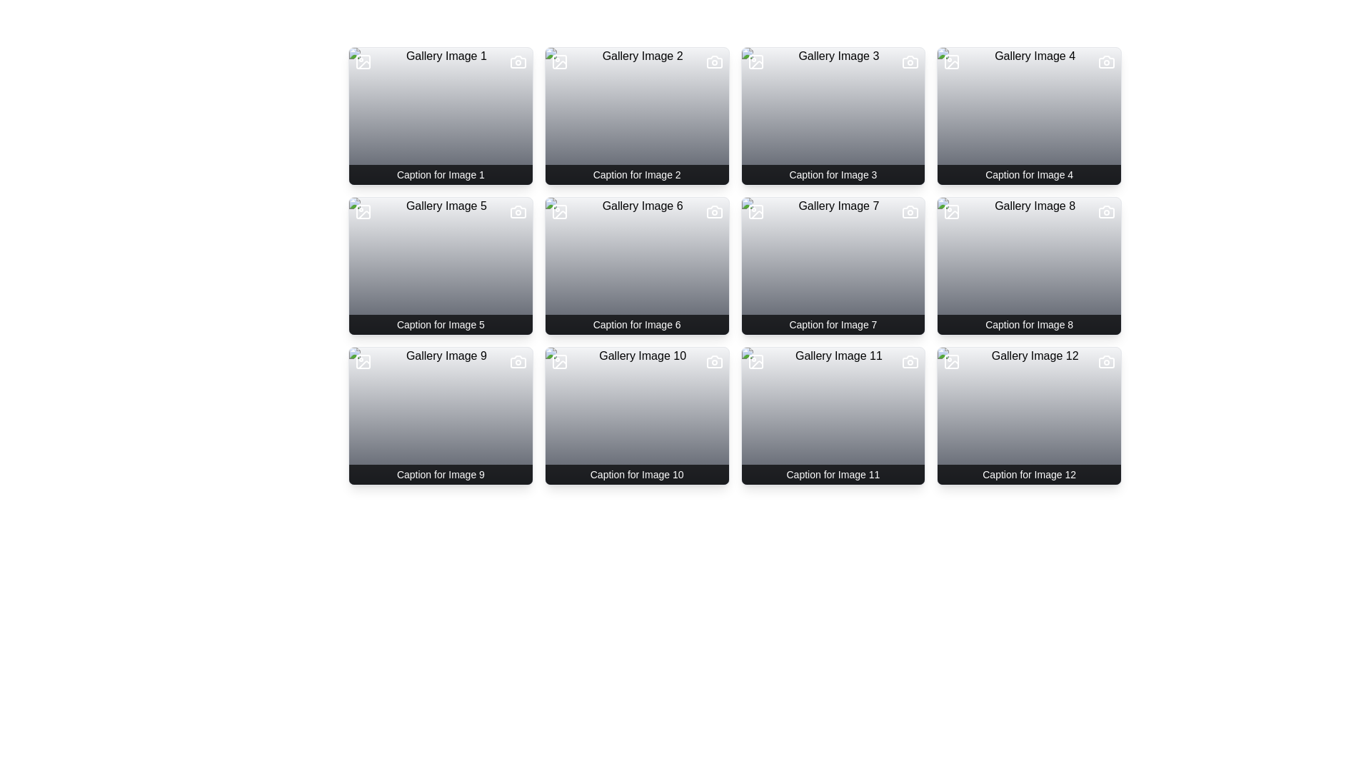 The image size is (1371, 771). Describe the element at coordinates (714, 212) in the screenshot. I see `the icon in the top-right corner of the tile labeled 'Gallery Image 6'` at that location.